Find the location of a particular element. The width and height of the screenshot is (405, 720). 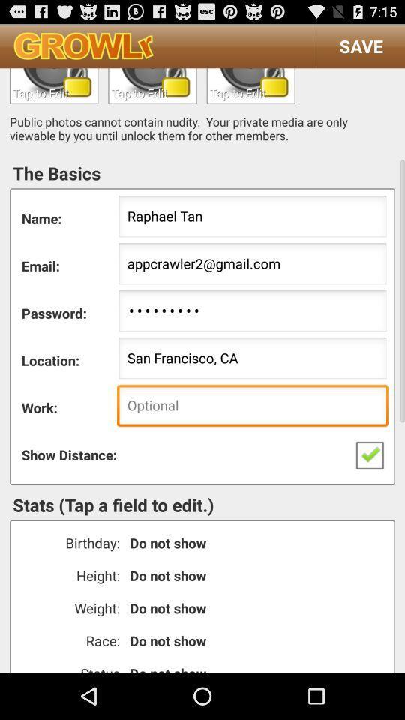

edit options is located at coordinates (53, 85).